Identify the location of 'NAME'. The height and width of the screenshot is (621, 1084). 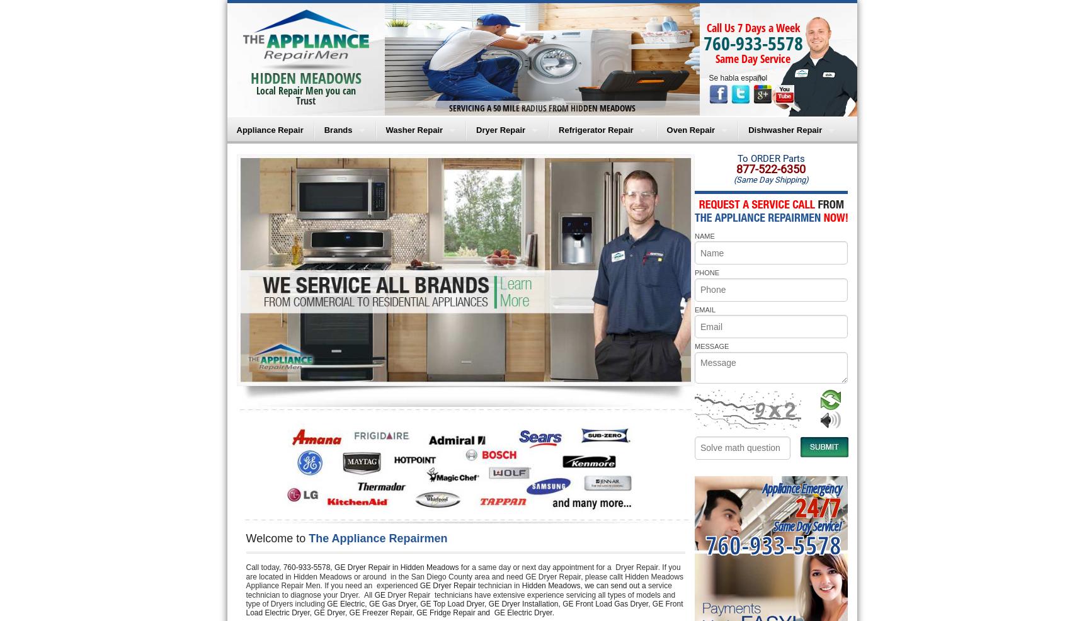
(693, 234).